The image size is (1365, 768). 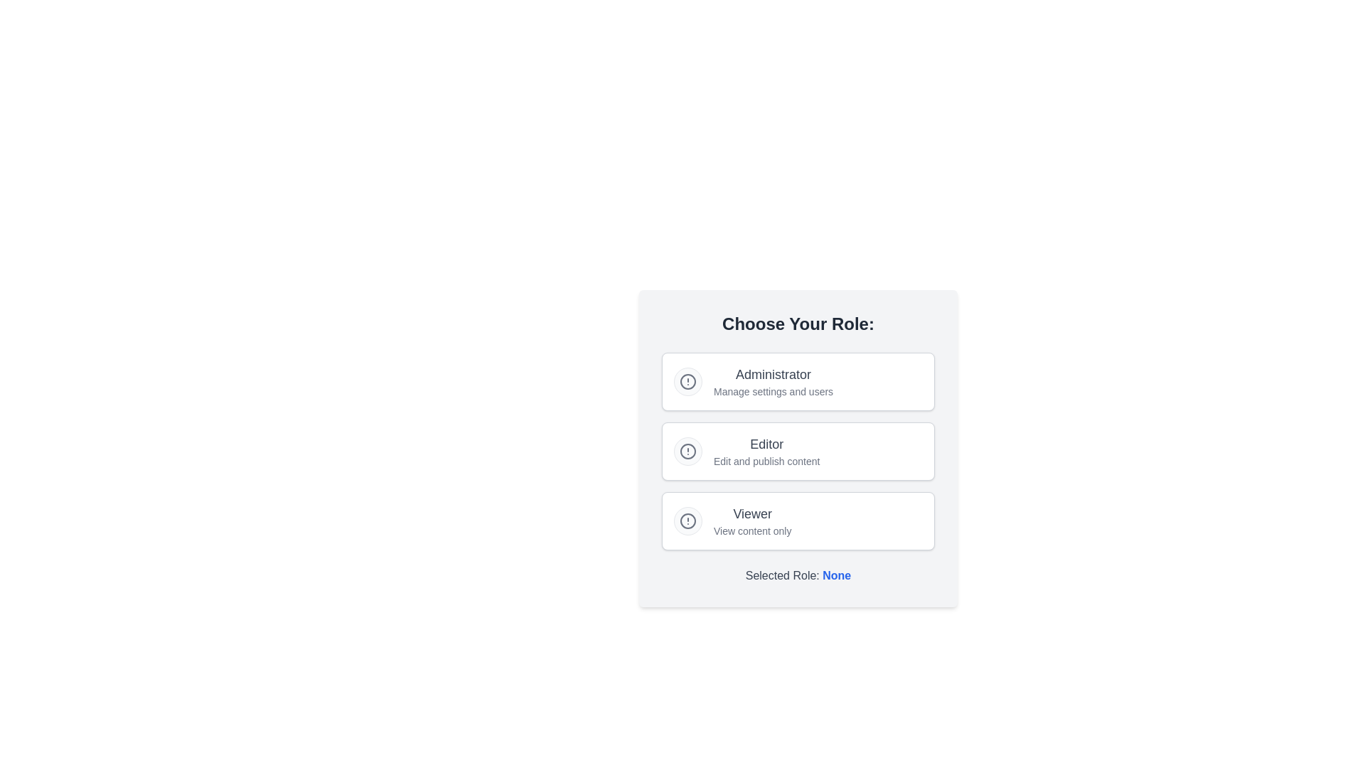 What do you see at coordinates (798, 452) in the screenshot?
I see `the 'Editor' role selection button, which is a rectangular button with rounded corners, styled in white with a gray border, containing the title 'Editor' and a subtitle 'Edit and publish content'` at bounding box center [798, 452].